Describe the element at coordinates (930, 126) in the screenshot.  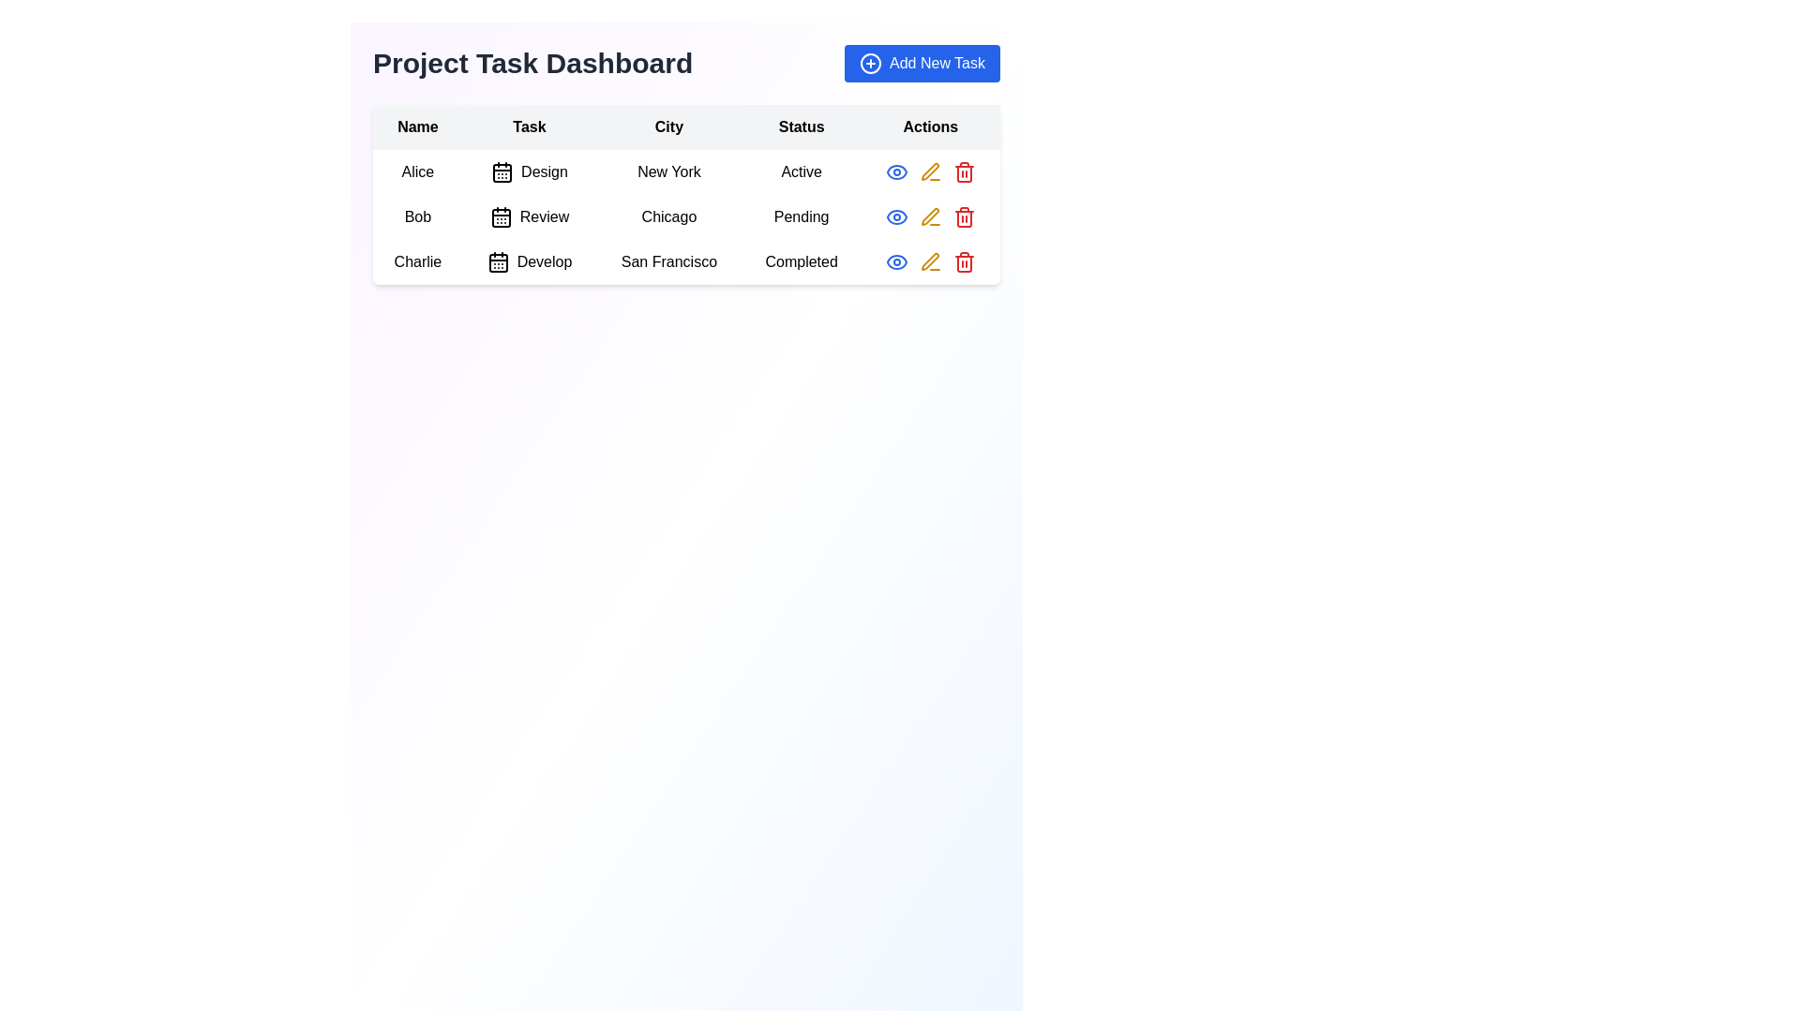
I see `the header label in the fifth column of the table that contains action buttons for rows of data, located to the right of the 'Status' column` at that location.